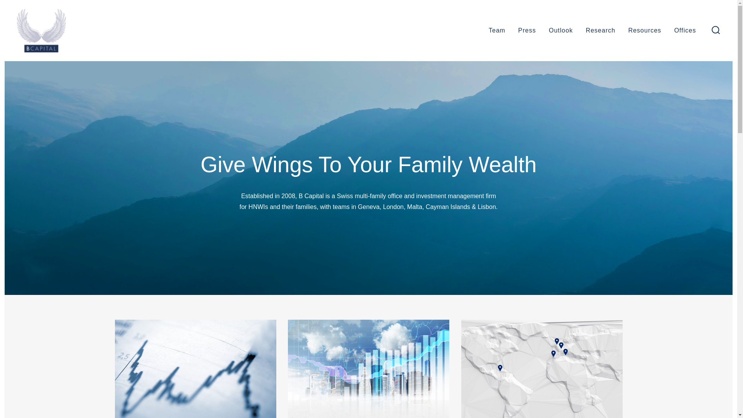 This screenshot has width=743, height=418. What do you see at coordinates (685, 30) in the screenshot?
I see `'Offices'` at bounding box center [685, 30].